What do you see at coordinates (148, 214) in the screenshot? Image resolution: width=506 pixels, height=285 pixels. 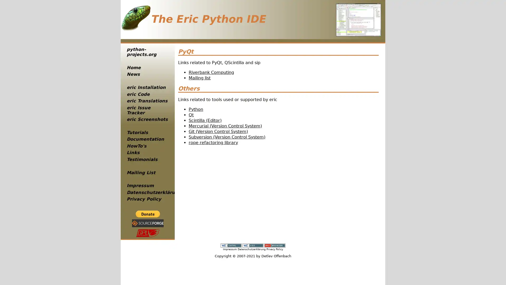 I see `PayPal - The safer, easier way to pay online!` at bounding box center [148, 214].